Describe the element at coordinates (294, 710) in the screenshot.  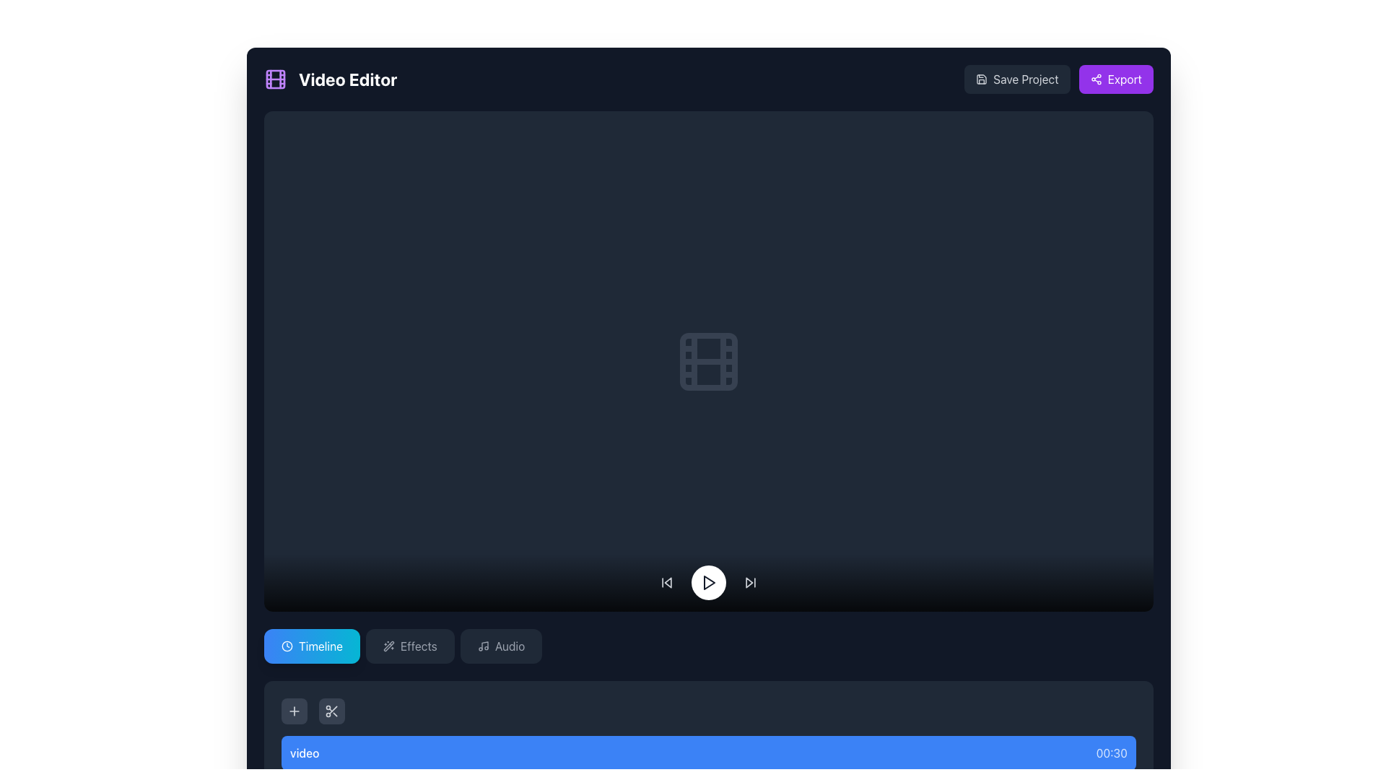
I see `the circular icon button located near the bottom left of the interface to initiate the add action` at that location.